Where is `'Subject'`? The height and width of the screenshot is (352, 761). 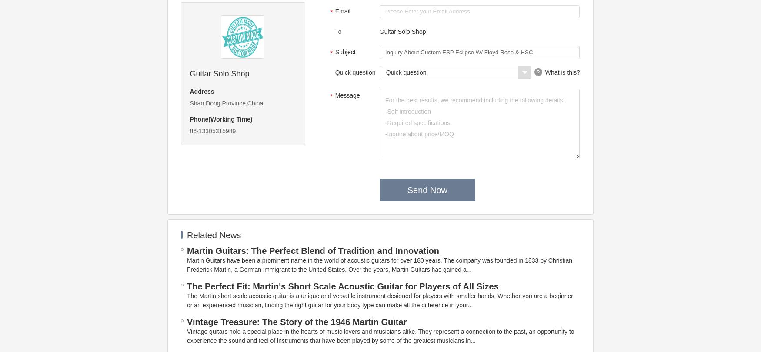
'Subject' is located at coordinates (344, 52).